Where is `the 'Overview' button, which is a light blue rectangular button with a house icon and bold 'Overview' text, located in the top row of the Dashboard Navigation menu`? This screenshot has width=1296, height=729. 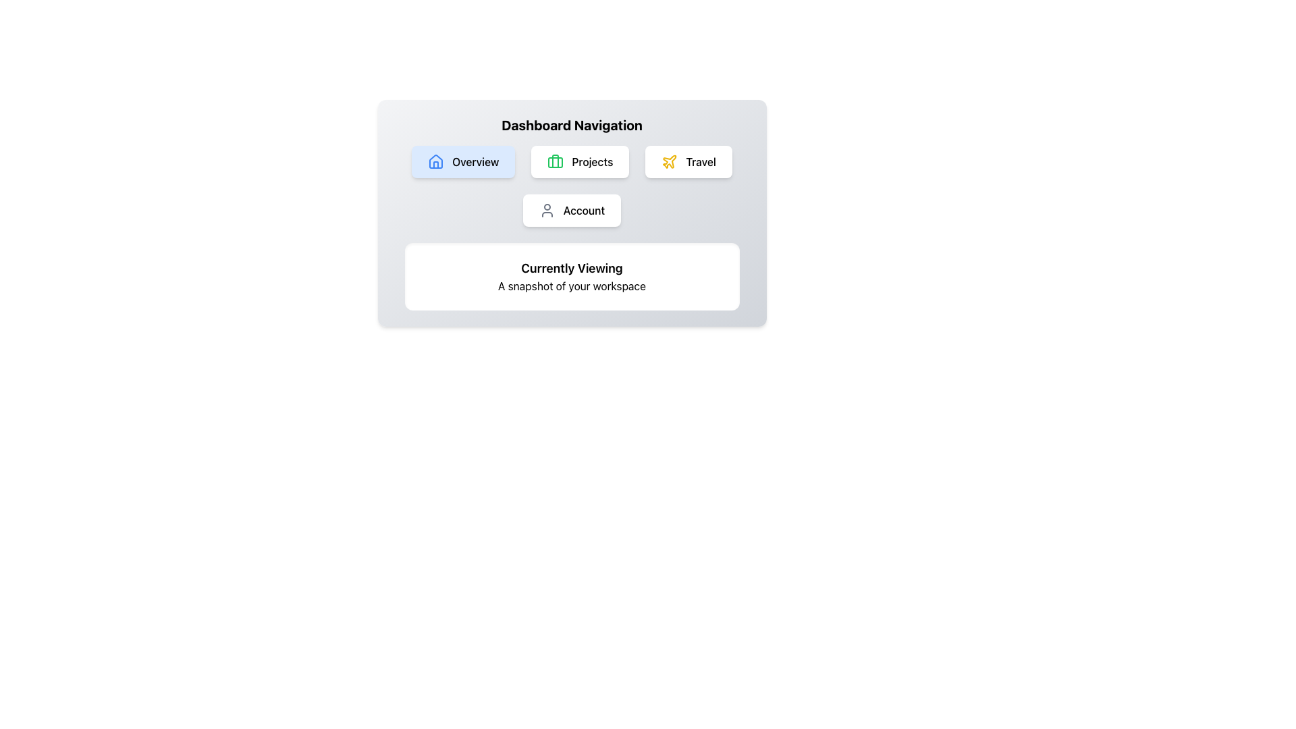
the 'Overview' button, which is a light blue rectangular button with a house icon and bold 'Overview' text, located in the top row of the Dashboard Navigation menu is located at coordinates (463, 161).